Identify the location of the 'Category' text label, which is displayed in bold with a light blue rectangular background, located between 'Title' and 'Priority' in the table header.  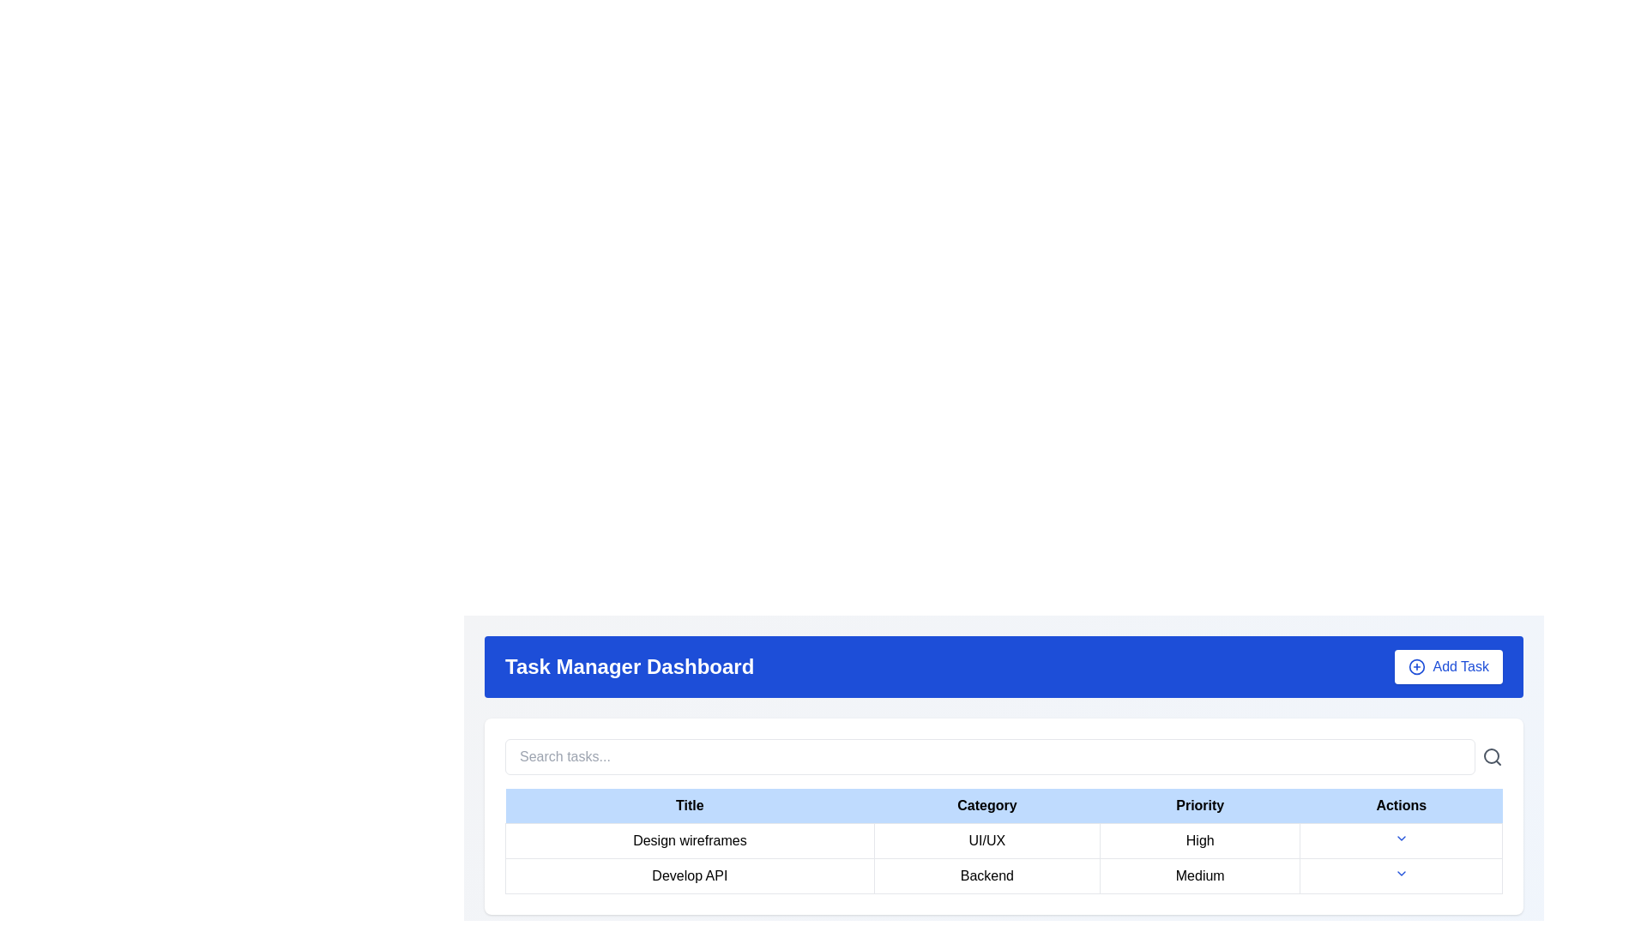
(986, 806).